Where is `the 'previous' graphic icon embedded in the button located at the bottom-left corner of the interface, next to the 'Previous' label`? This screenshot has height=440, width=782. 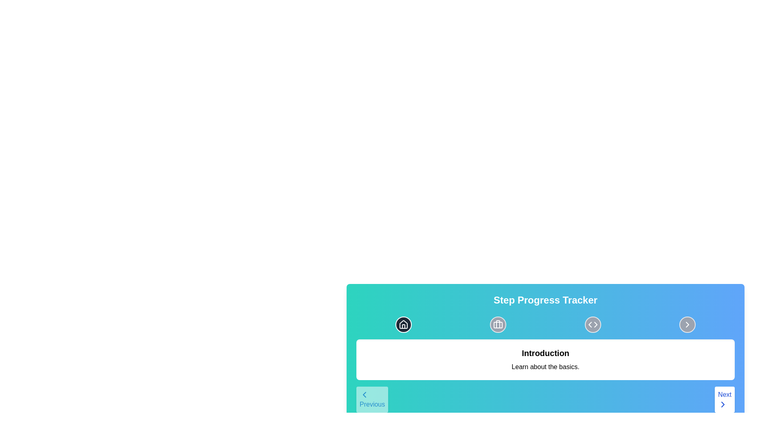 the 'previous' graphic icon embedded in the button located at the bottom-left corner of the interface, next to the 'Previous' label is located at coordinates (364, 394).